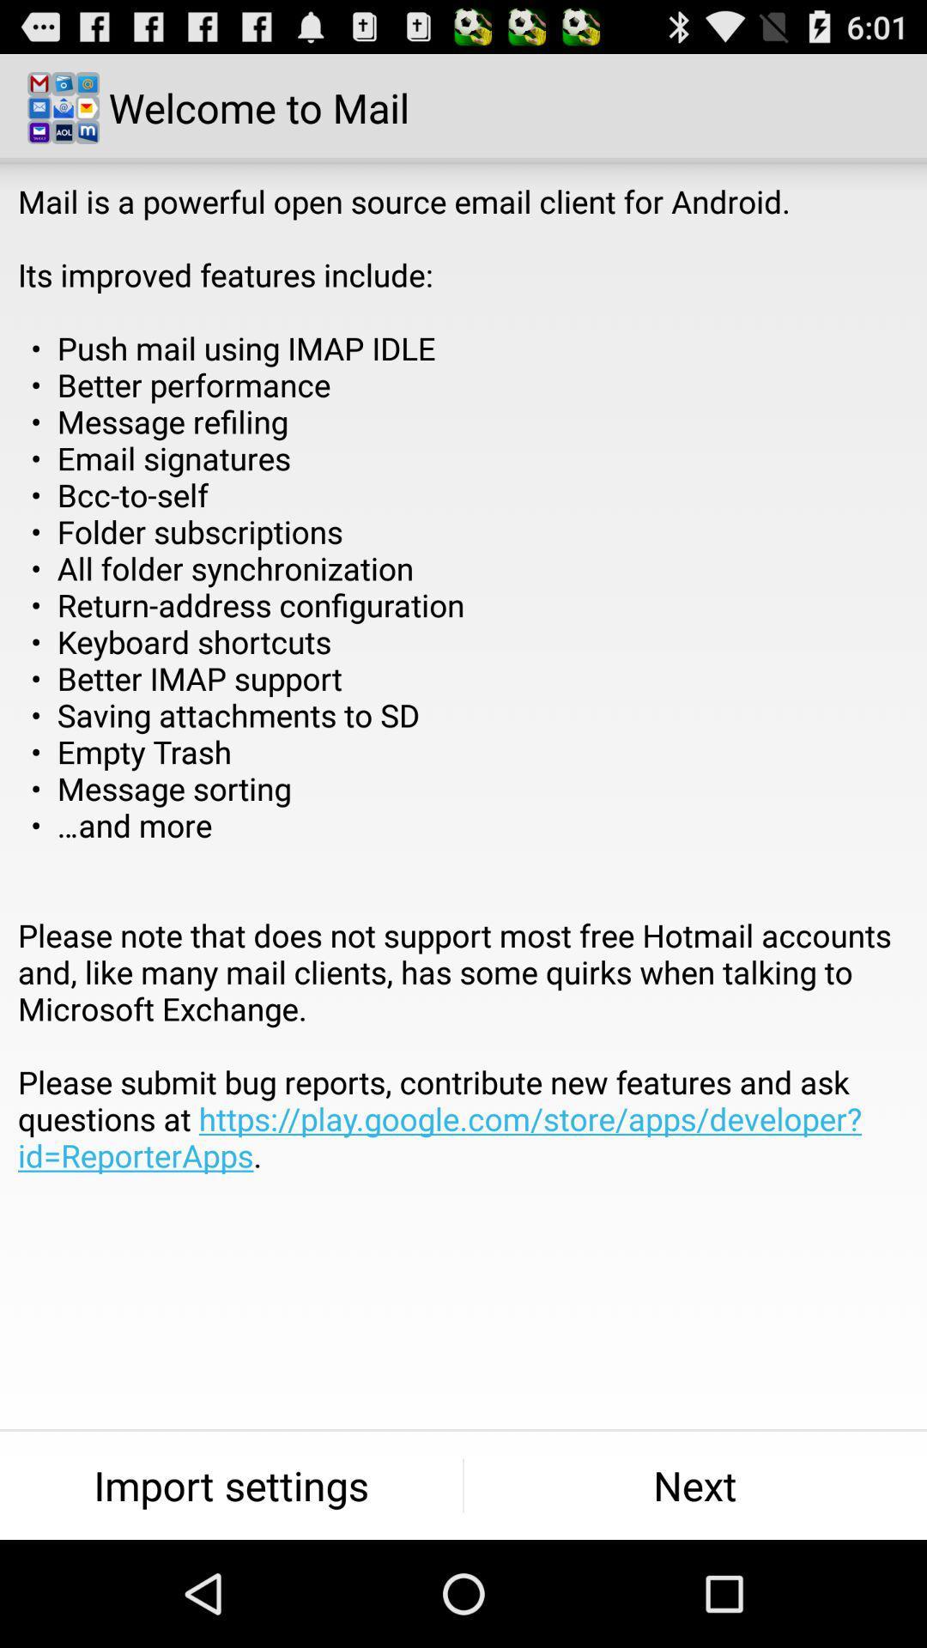  I want to click on item to the right of import settings button, so click(695, 1485).